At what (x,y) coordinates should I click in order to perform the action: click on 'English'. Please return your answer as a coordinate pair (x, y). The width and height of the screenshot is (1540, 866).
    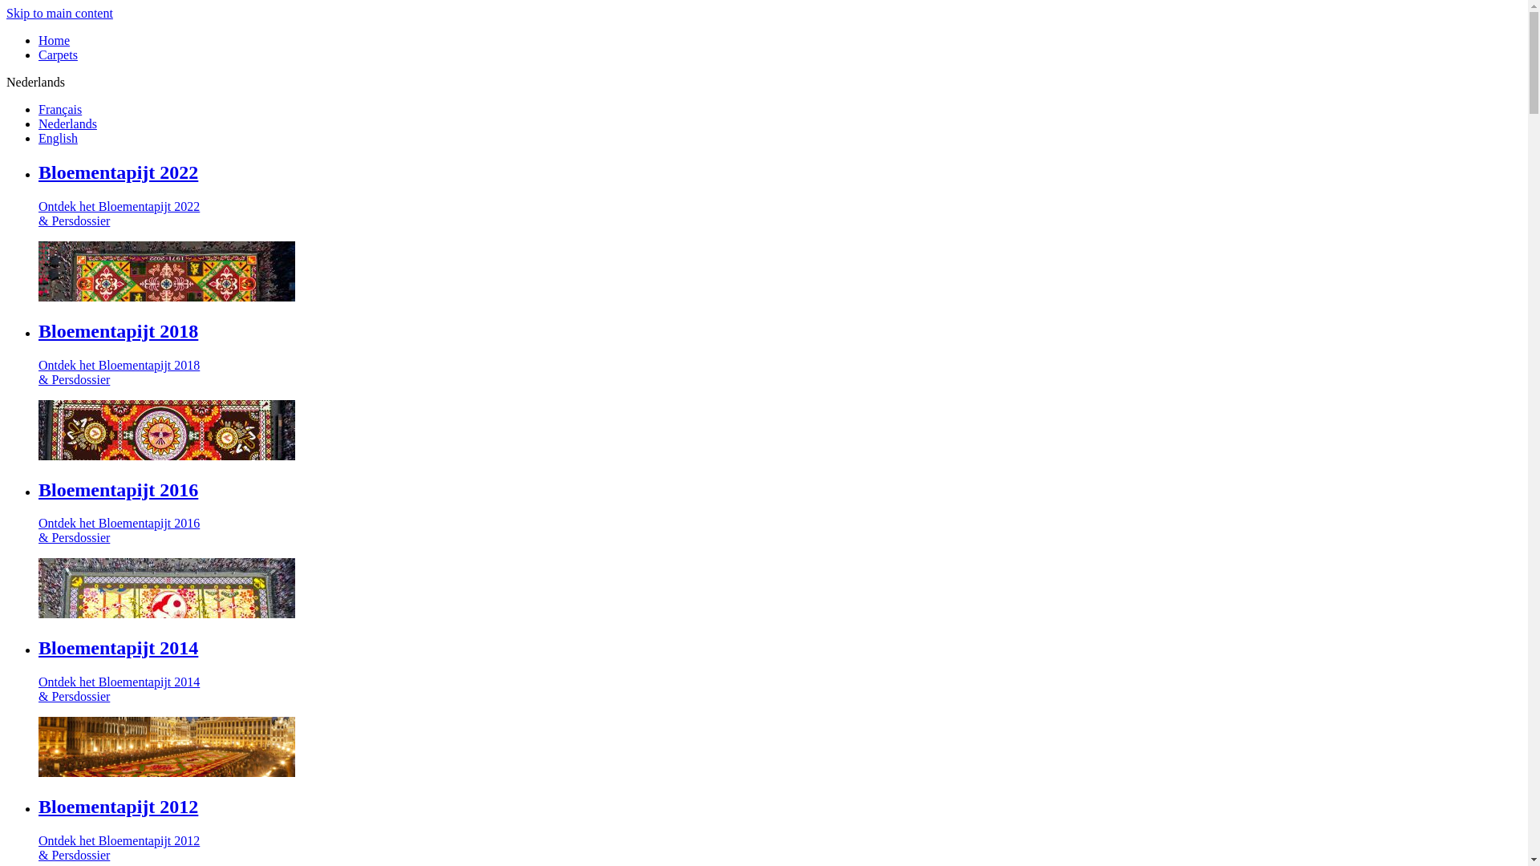
    Looking at the image, I should click on (58, 137).